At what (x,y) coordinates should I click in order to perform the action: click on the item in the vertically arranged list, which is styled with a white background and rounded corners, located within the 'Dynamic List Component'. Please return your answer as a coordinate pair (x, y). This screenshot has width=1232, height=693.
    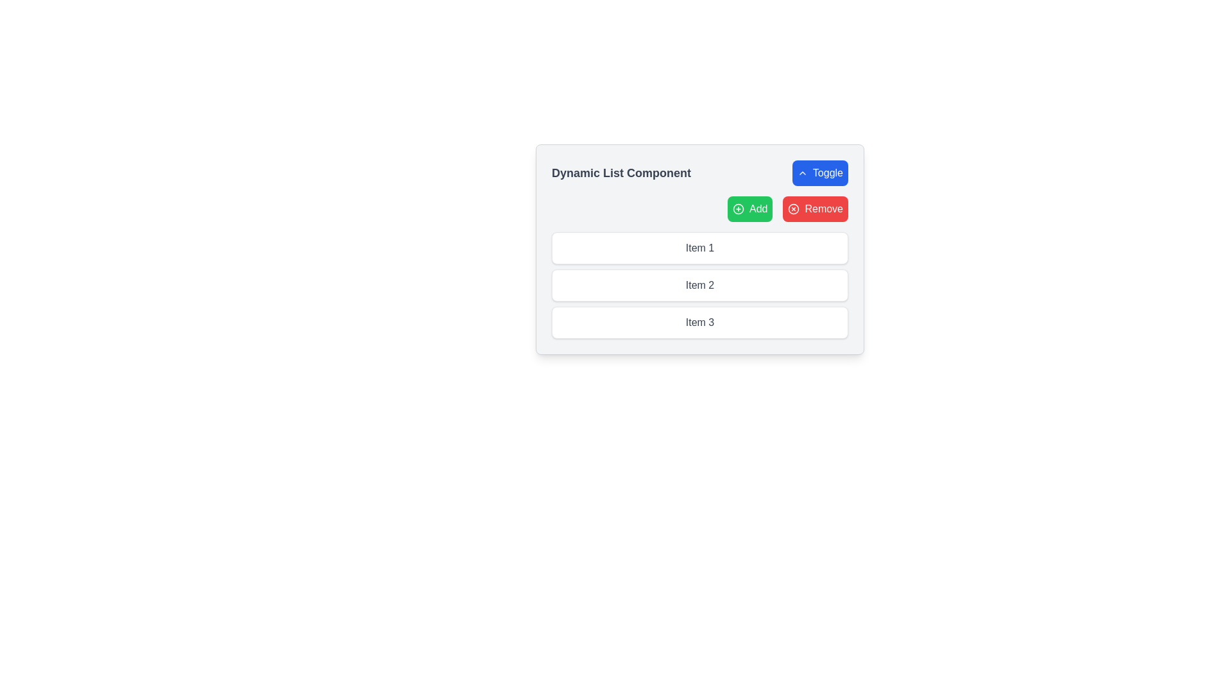
    Looking at the image, I should click on (699, 284).